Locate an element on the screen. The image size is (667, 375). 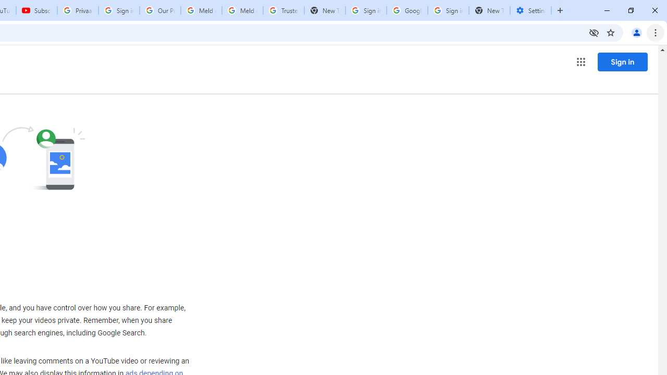
'Subscriptions - YouTube' is located at coordinates (36, 10).